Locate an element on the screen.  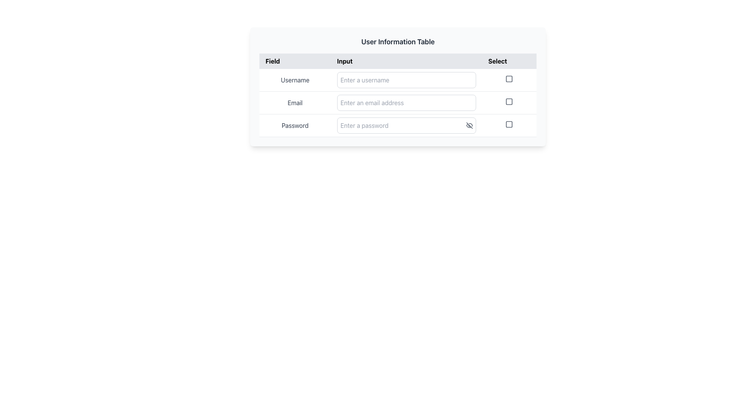
the email input field in the 'User Information Table' is located at coordinates (406, 102).